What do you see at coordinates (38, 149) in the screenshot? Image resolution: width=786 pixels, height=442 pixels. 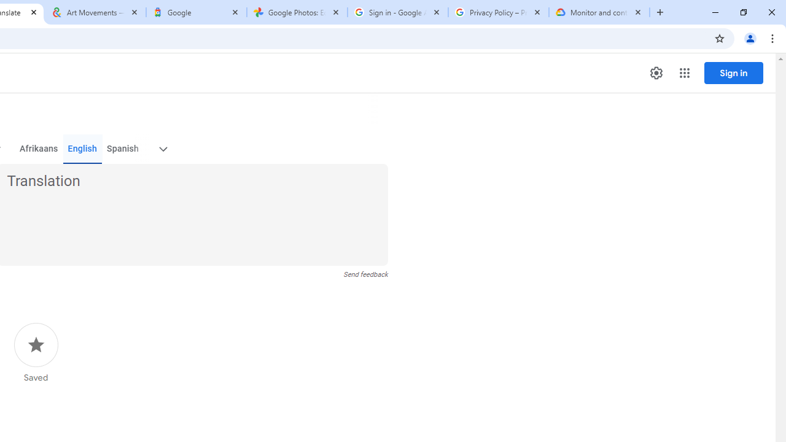 I see `'Afrikaans'` at bounding box center [38, 149].